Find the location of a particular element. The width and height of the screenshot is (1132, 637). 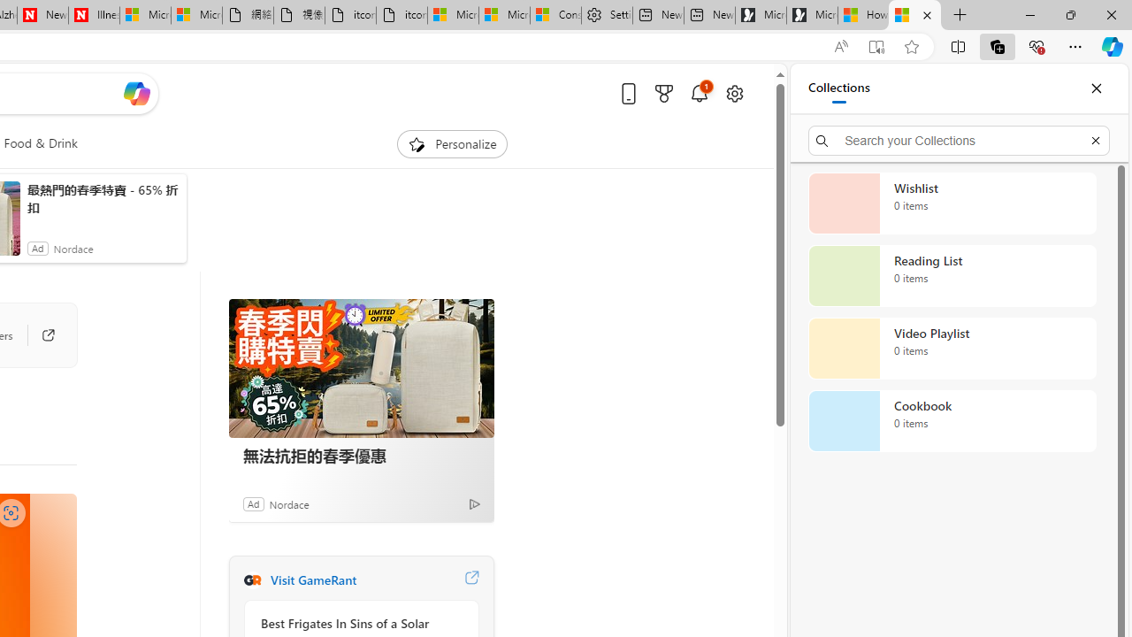

'Enter Immersive Reader (F9)' is located at coordinates (876, 46).